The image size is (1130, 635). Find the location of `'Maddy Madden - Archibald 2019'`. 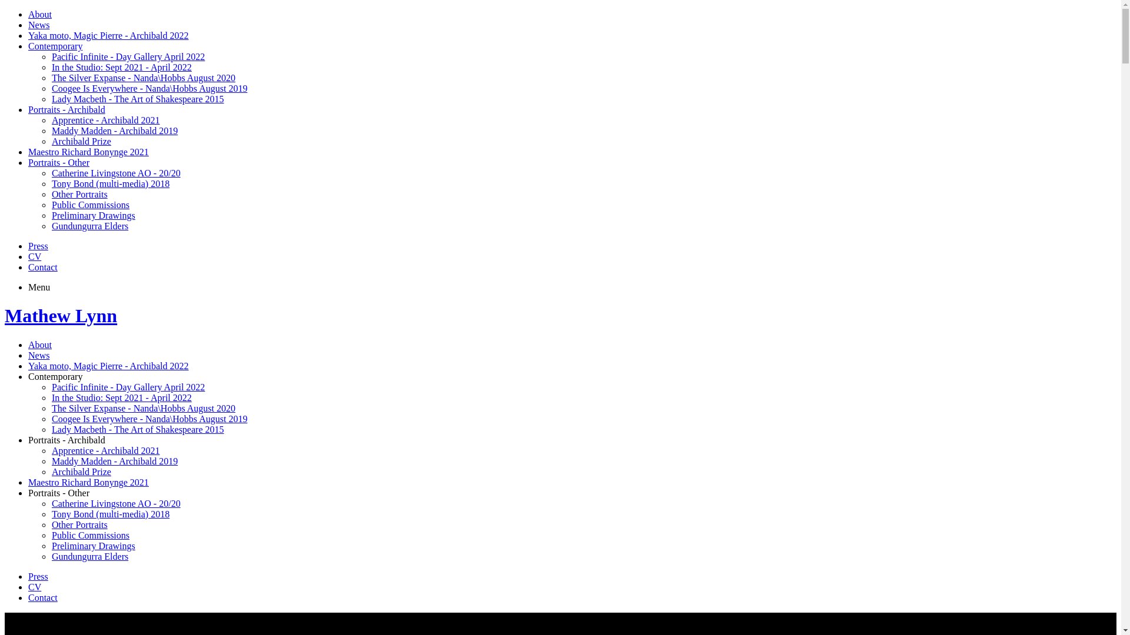

'Maddy Madden - Archibald 2019' is located at coordinates (115, 460).